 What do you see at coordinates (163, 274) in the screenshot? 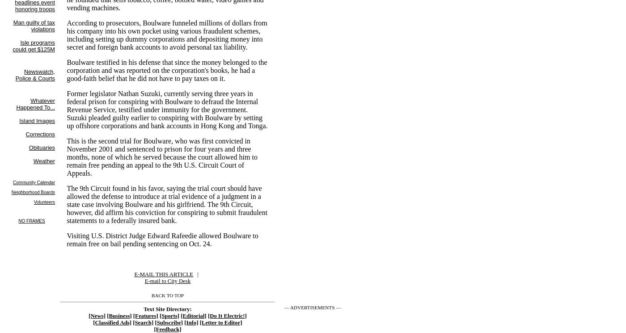
I see `'E-MAIL THIS ARTICLE'` at bounding box center [163, 274].